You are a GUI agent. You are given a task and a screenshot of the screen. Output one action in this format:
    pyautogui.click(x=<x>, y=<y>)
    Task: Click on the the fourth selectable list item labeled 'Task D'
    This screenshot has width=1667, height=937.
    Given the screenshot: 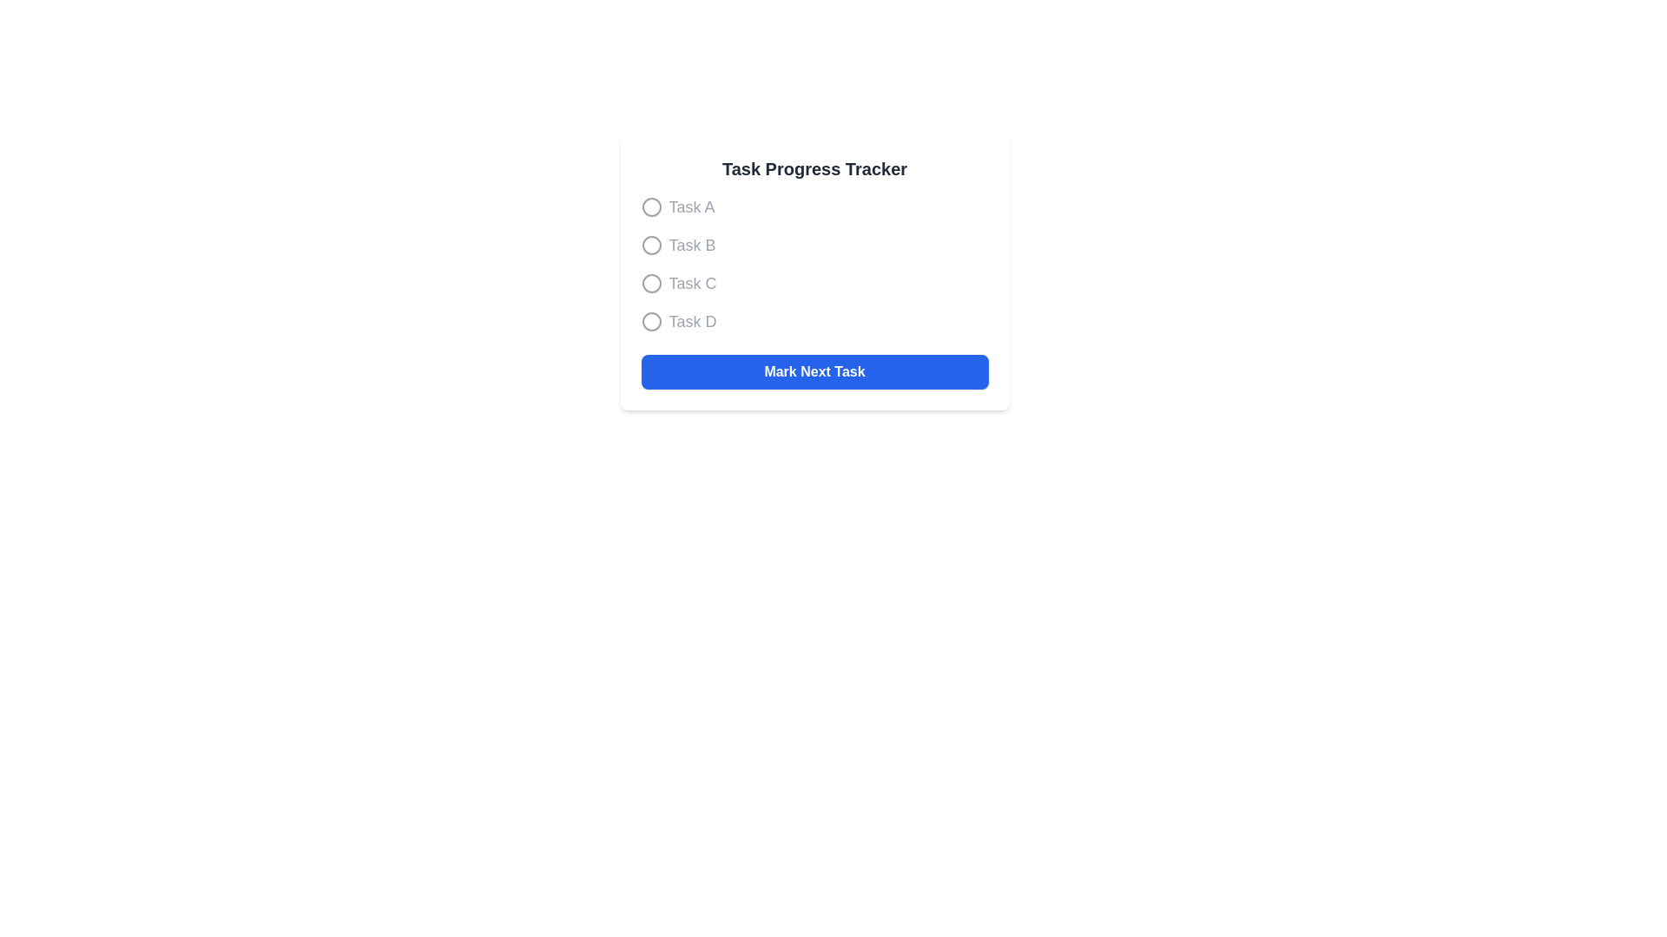 What is the action you would take?
    pyautogui.click(x=814, y=321)
    